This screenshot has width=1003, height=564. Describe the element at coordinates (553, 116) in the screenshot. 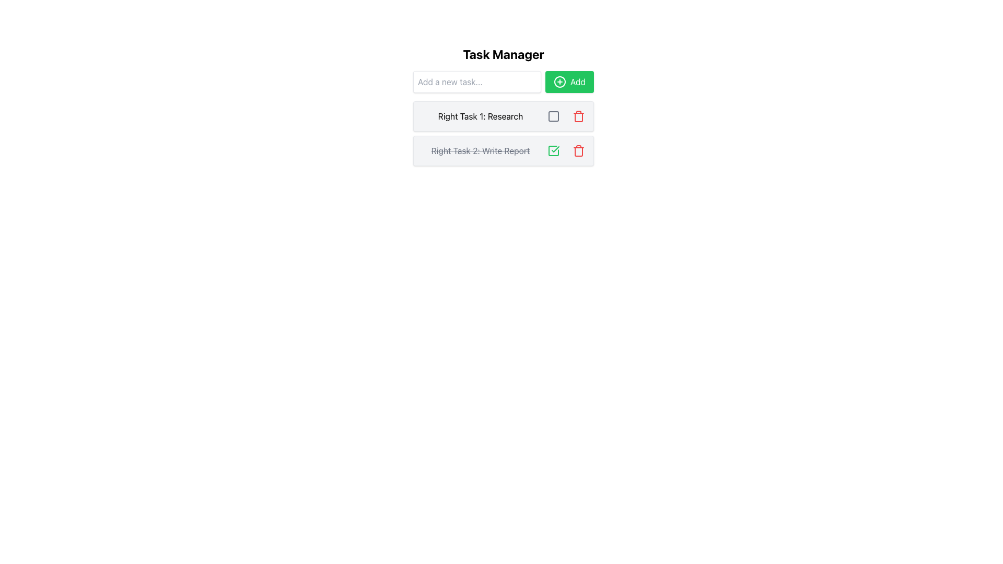

I see `the third icon in the row of task options to the right of 'Right Task 1: Research'` at that location.